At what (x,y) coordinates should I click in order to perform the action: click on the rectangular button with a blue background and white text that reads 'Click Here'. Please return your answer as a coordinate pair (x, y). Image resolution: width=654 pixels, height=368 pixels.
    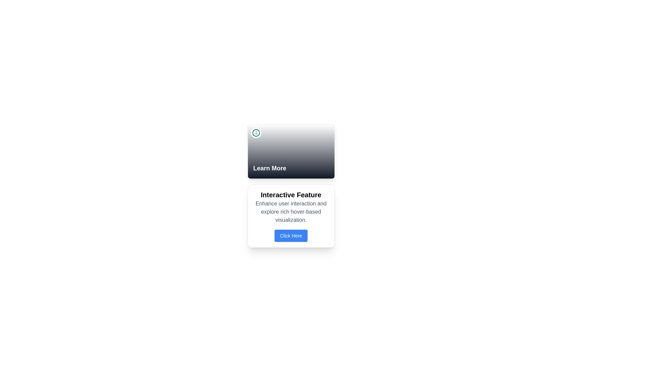
    Looking at the image, I should click on (291, 235).